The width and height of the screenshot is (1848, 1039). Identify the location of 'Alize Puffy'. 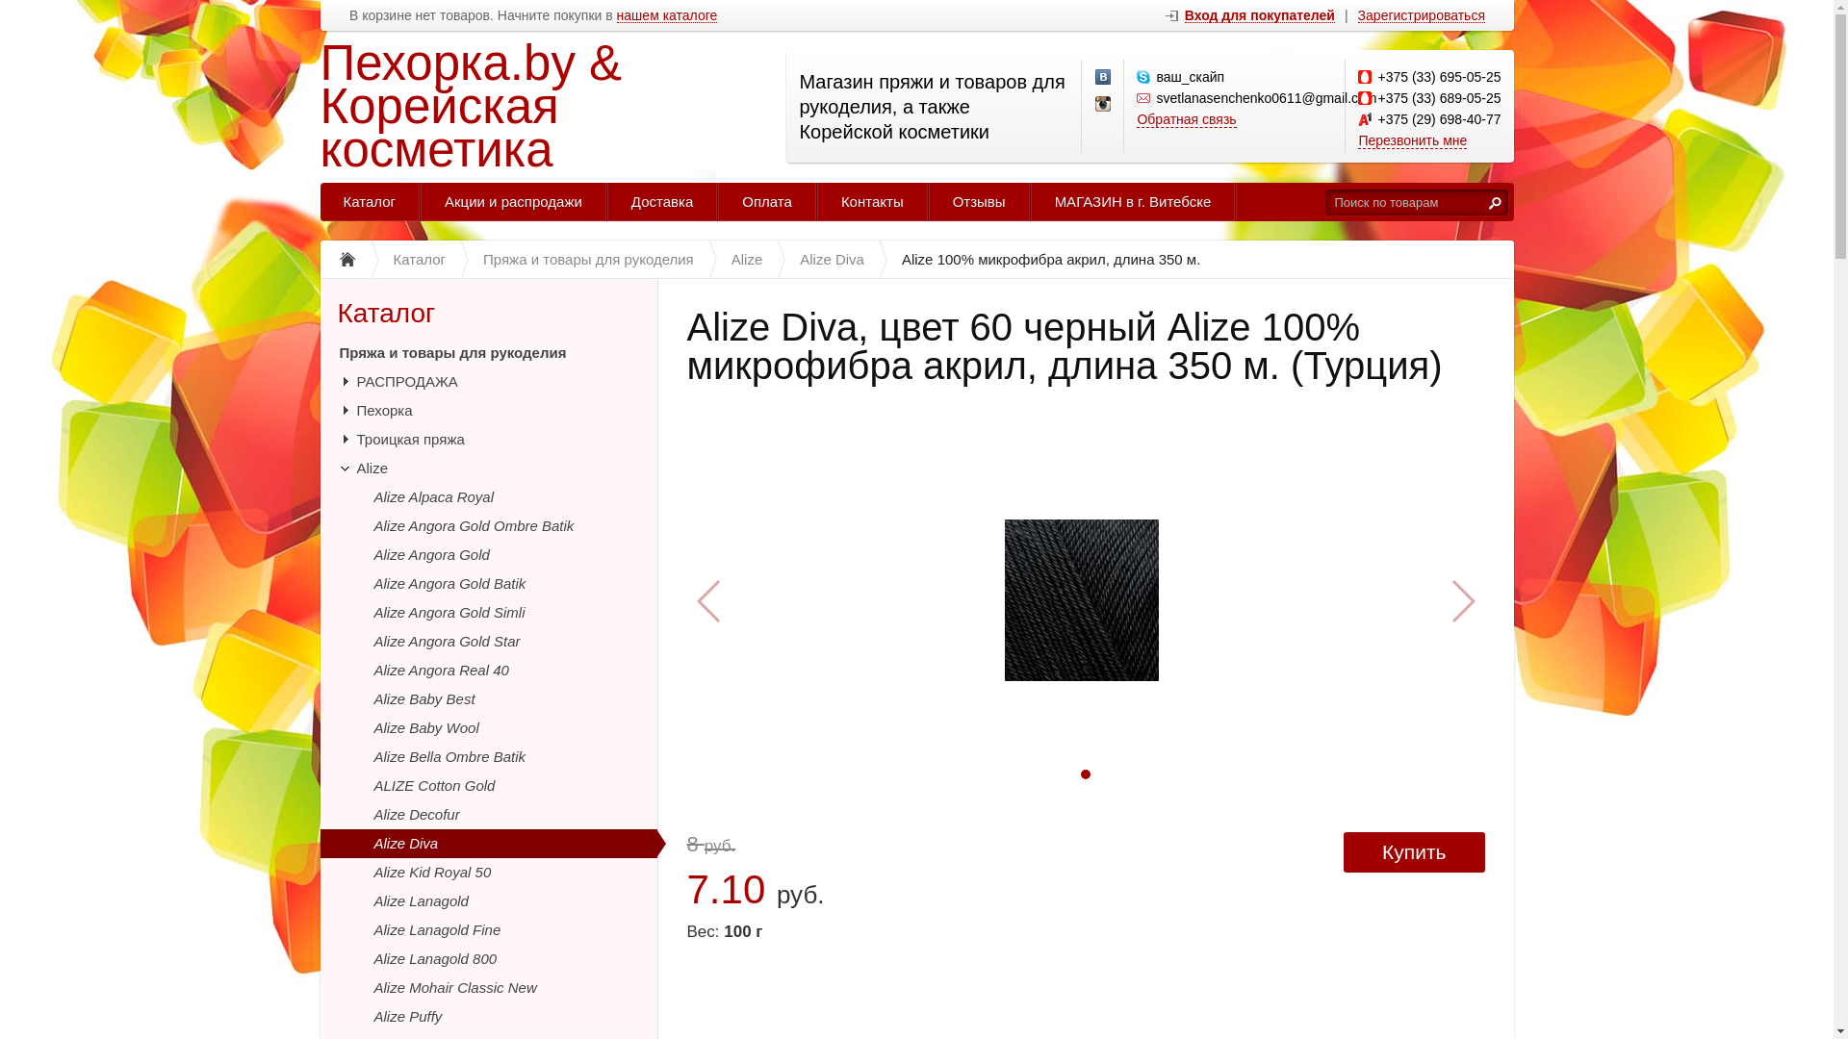
(488, 1015).